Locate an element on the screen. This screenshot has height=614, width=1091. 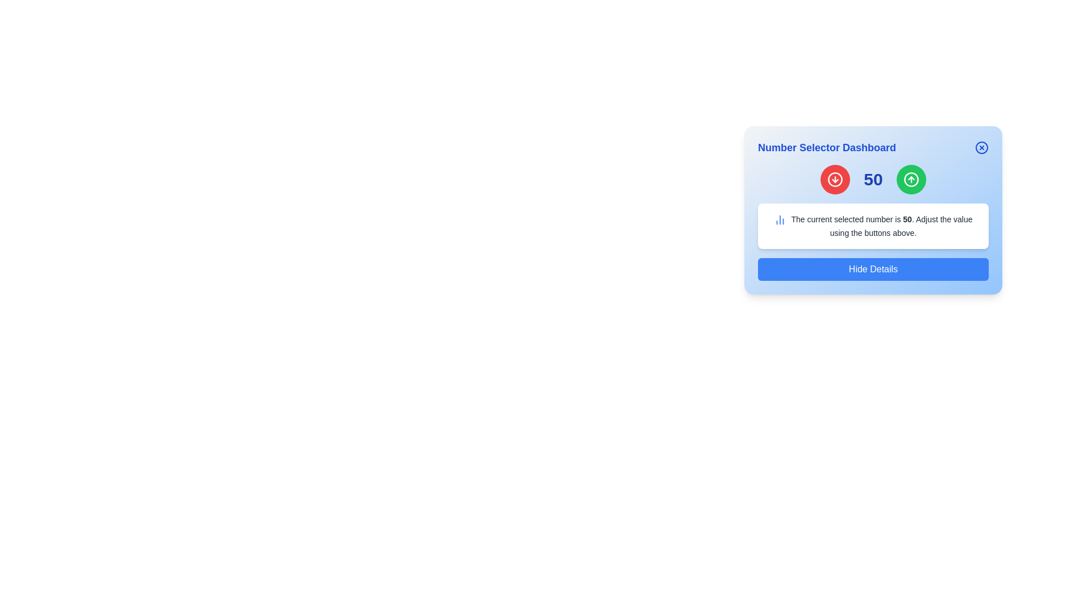
the SVG circle graphic that emphasizes the arrow icon within the right-side control button, located directly to the right of the number '50' is located at coordinates (911, 179).